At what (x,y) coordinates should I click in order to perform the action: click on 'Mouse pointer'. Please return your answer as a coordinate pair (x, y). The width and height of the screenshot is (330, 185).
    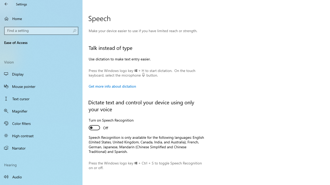
    Looking at the image, I should click on (41, 86).